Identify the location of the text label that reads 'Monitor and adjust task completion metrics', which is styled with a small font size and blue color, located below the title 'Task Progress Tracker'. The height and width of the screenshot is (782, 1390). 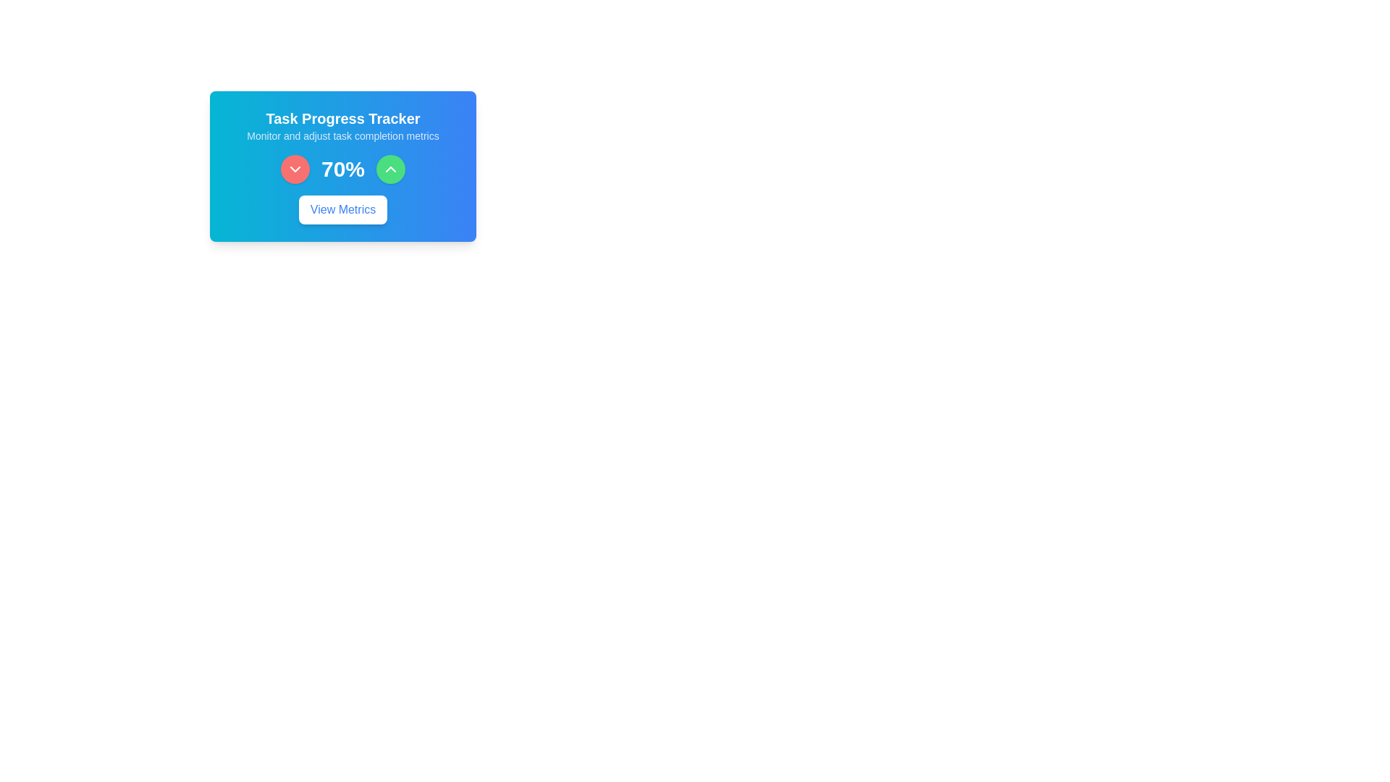
(342, 136).